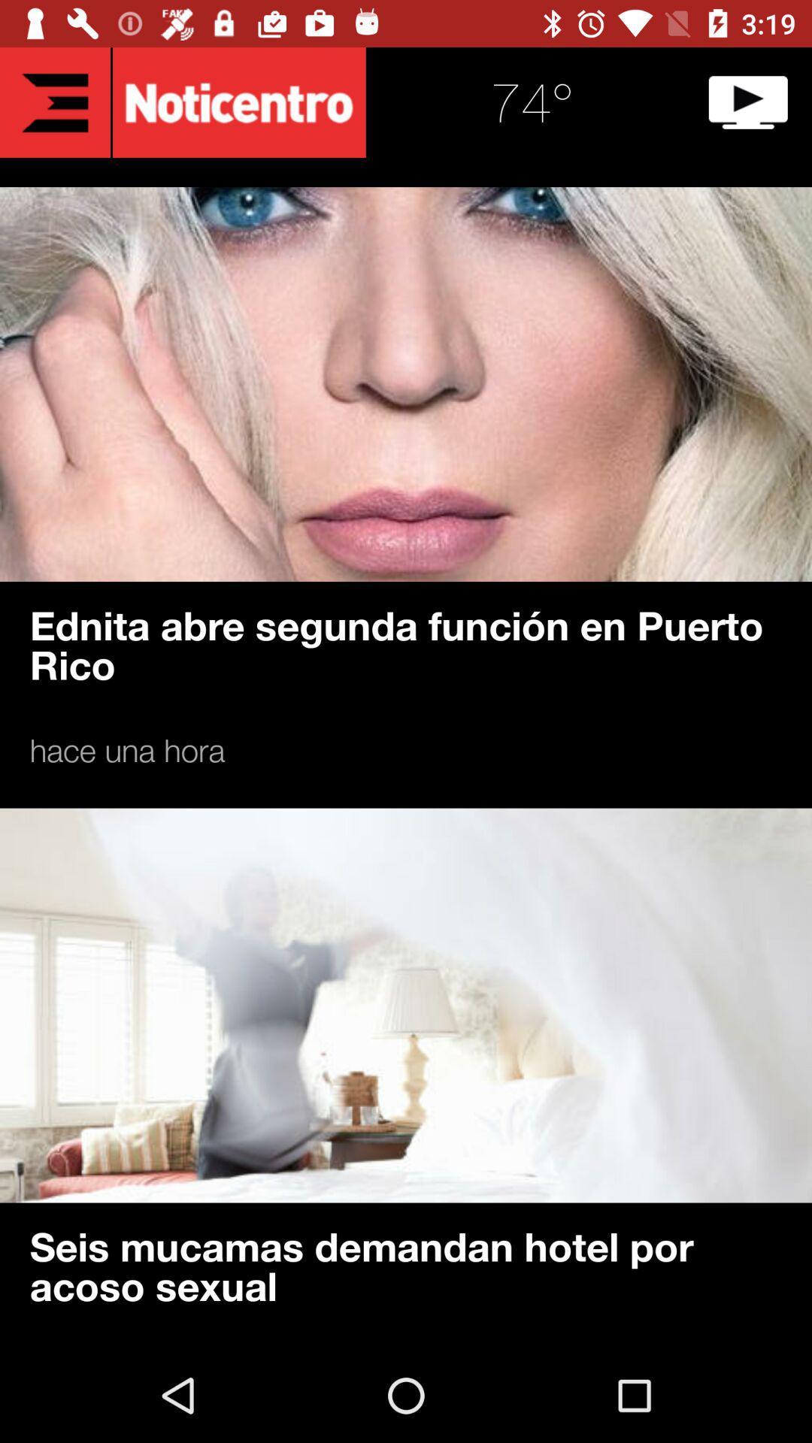  What do you see at coordinates (748, 101) in the screenshot?
I see `the play icon` at bounding box center [748, 101].